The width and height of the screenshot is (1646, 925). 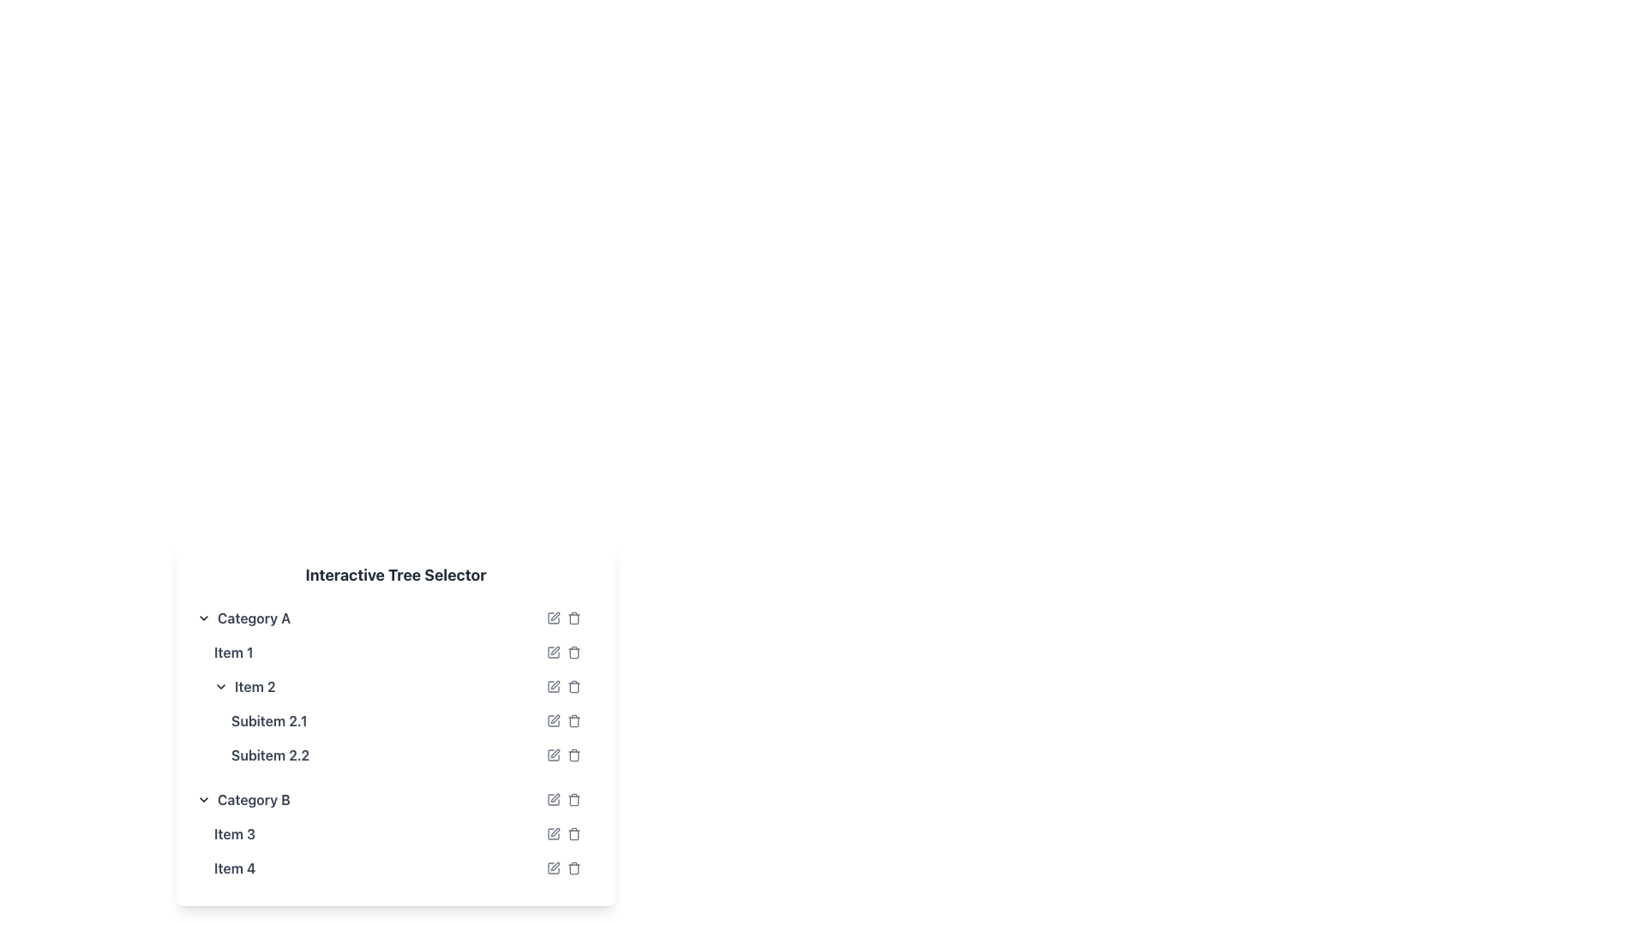 I want to click on the Text Label indicating a category section within the Interactive Tree Selector, located between 'Category A' and 'Item 3.', so click(x=253, y=799).